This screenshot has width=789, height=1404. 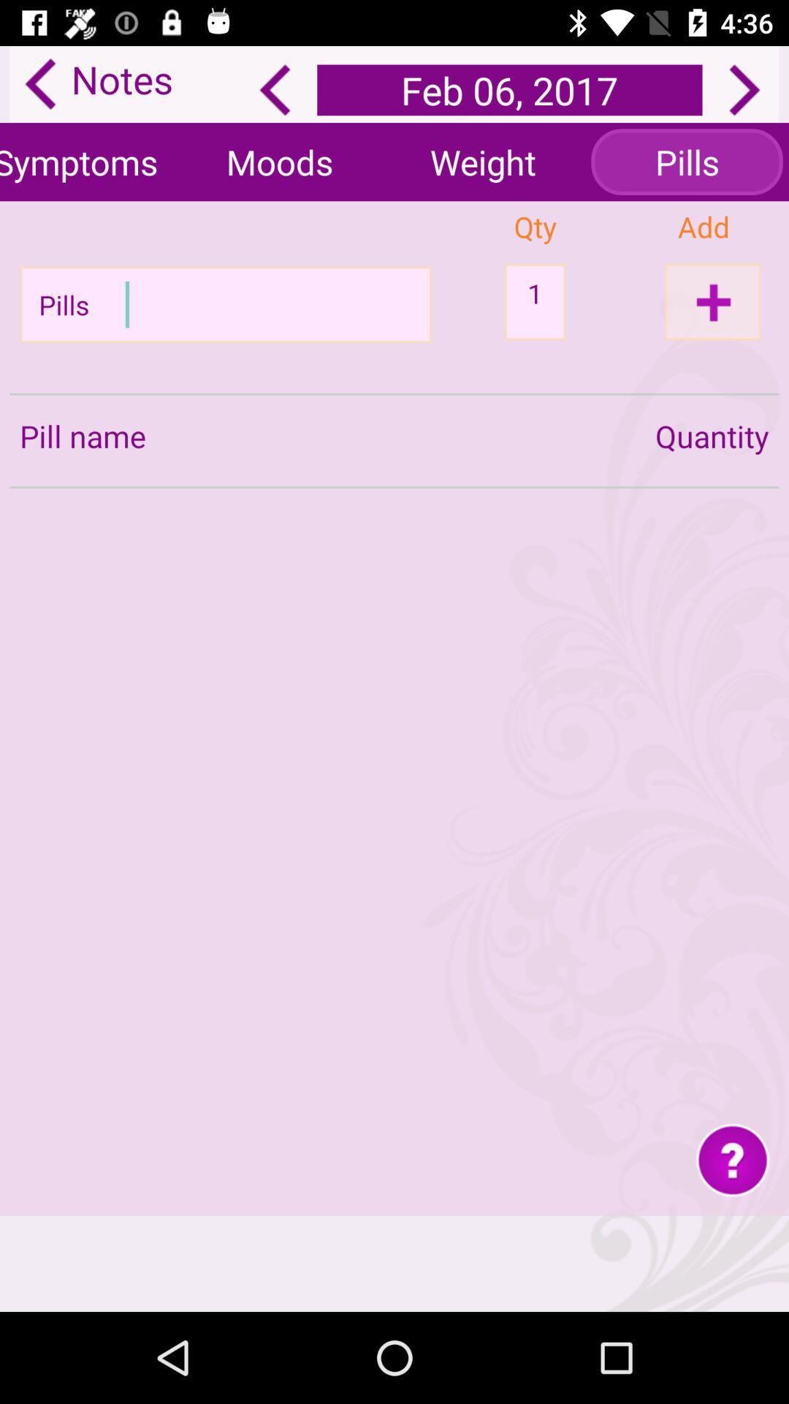 What do you see at coordinates (230, 303) in the screenshot?
I see `pill name` at bounding box center [230, 303].